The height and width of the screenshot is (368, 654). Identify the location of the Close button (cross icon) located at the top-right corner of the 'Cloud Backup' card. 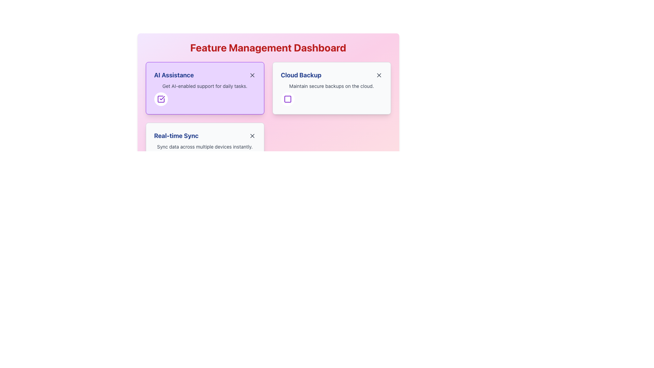
(378, 75).